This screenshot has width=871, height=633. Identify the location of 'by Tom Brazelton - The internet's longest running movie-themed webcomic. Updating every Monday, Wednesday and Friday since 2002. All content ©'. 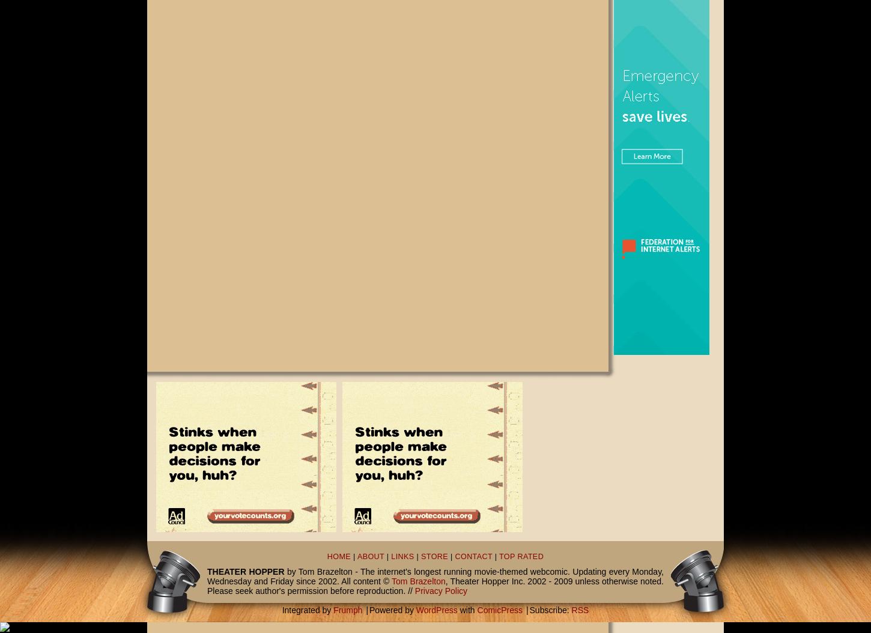
(435, 576).